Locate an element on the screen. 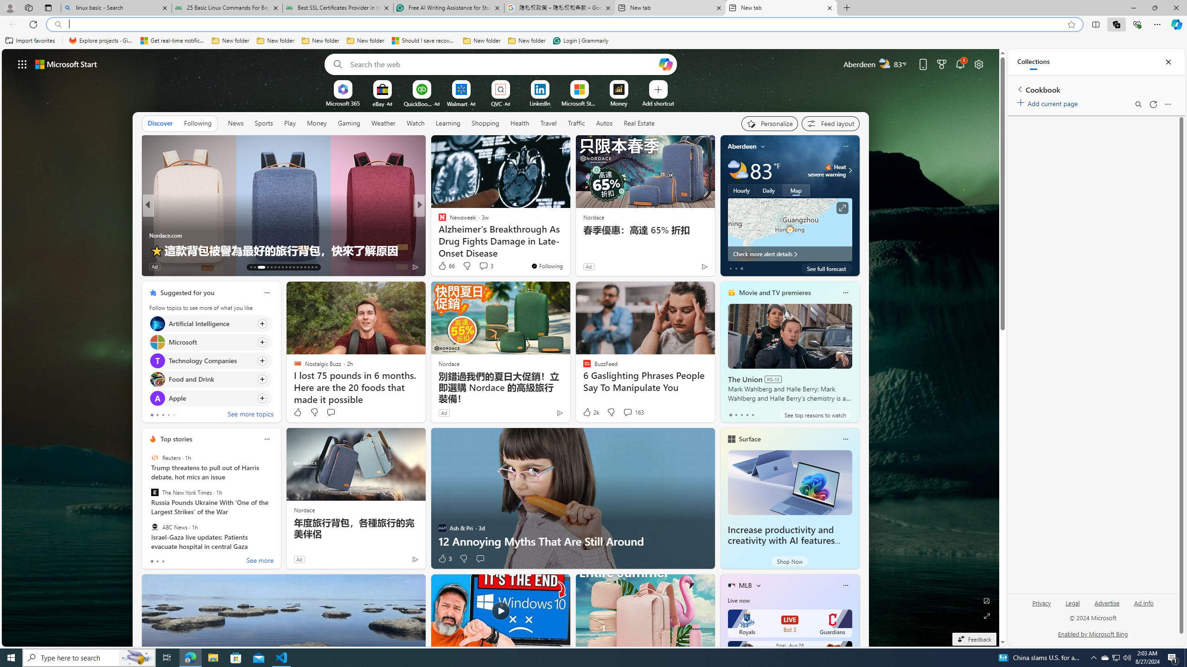 Image resolution: width=1187 pixels, height=667 pixels. 'Play' is located at coordinates (289, 123).